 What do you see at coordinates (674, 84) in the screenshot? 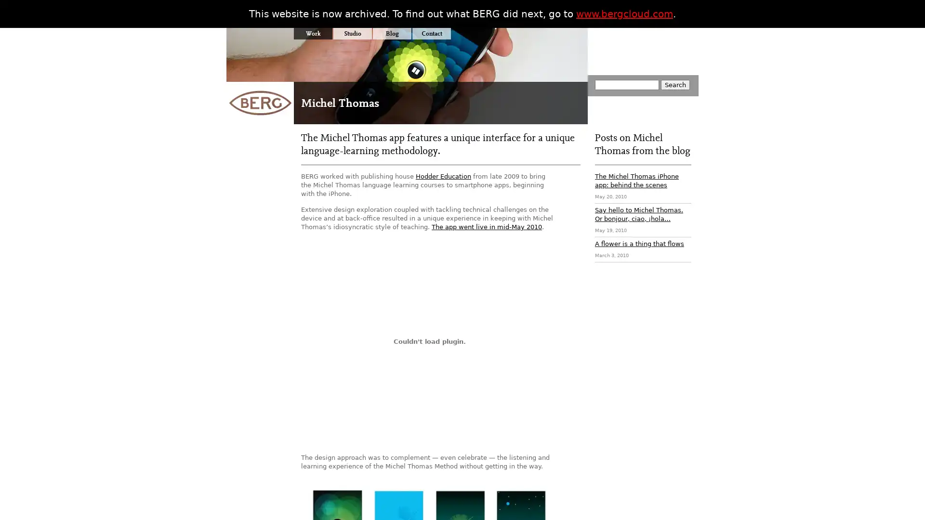
I see `Search` at bounding box center [674, 84].